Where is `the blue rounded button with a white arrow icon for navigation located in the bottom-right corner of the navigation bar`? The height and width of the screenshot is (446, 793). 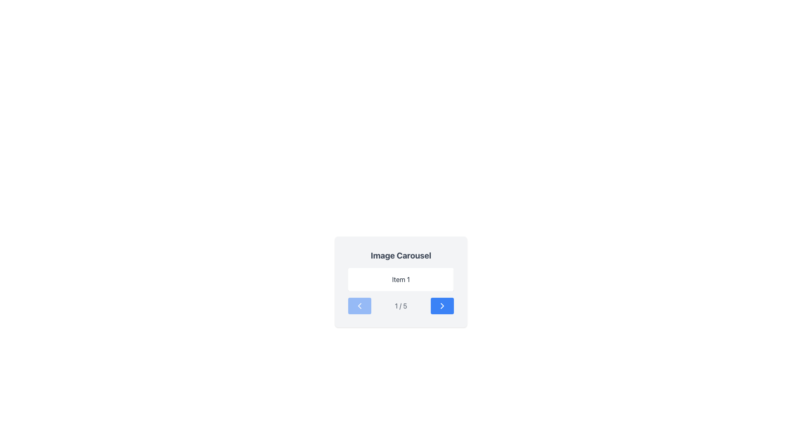 the blue rounded button with a white arrow icon for navigation located in the bottom-right corner of the navigation bar is located at coordinates (442, 306).